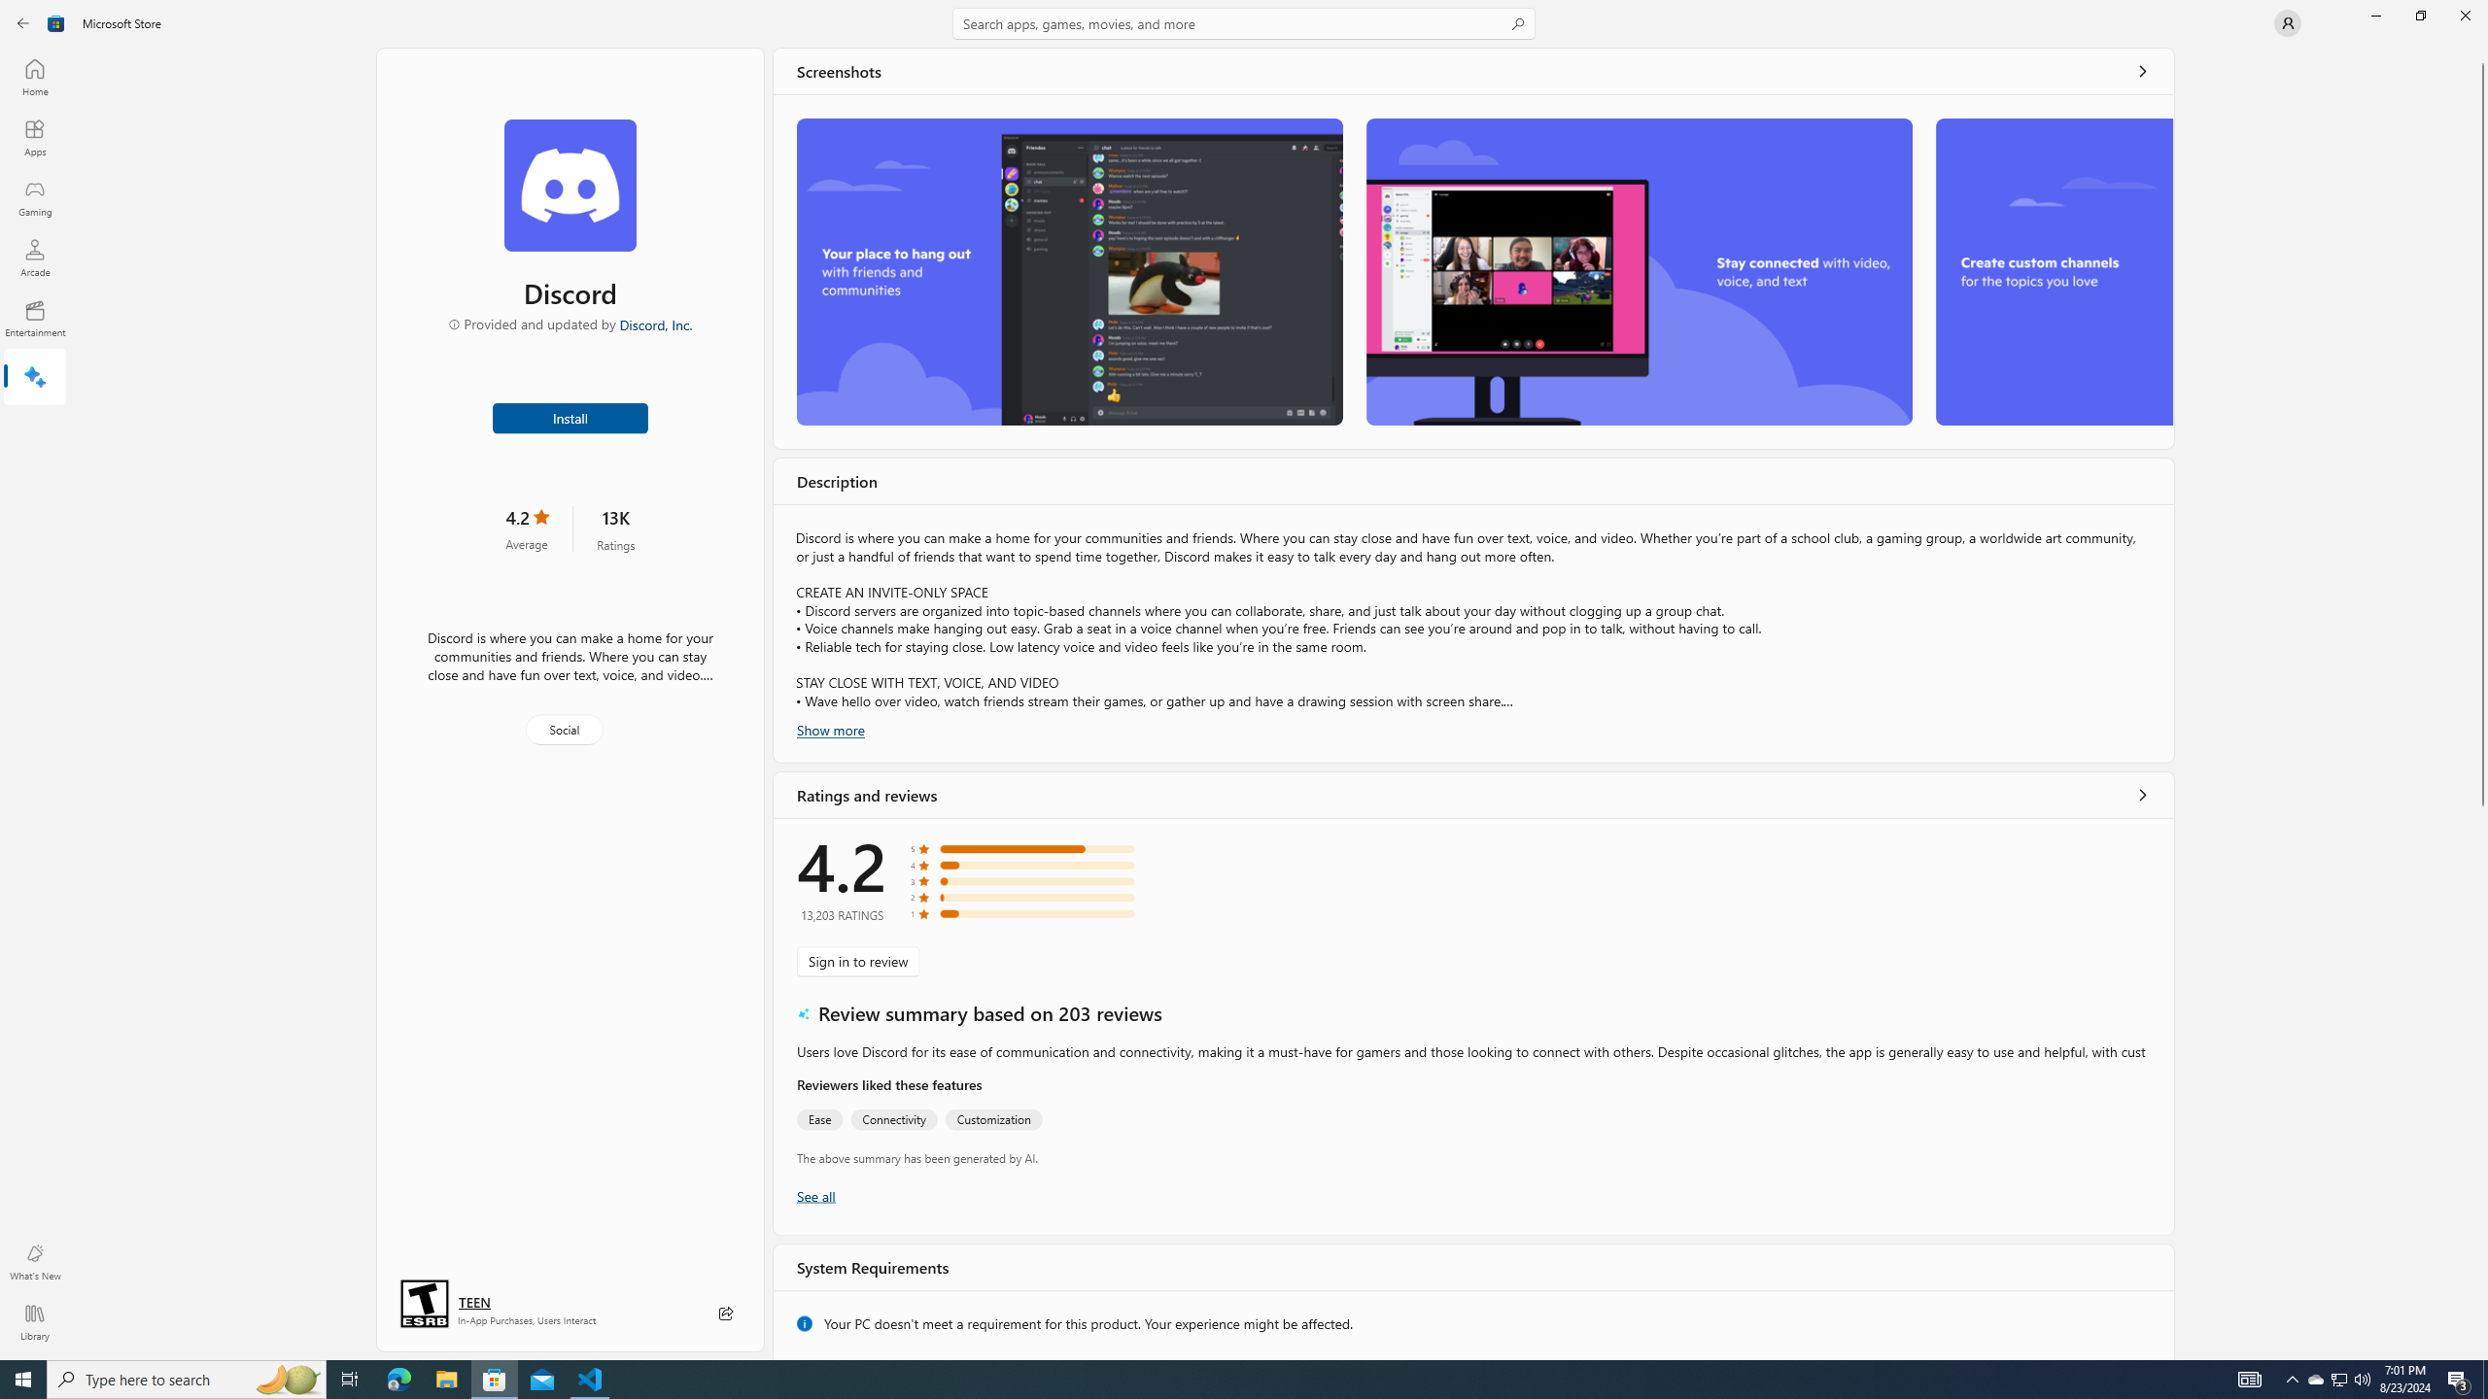 This screenshot has height=1399, width=2488. Describe the element at coordinates (1069, 271) in the screenshot. I see `'Screenshot 1'` at that location.